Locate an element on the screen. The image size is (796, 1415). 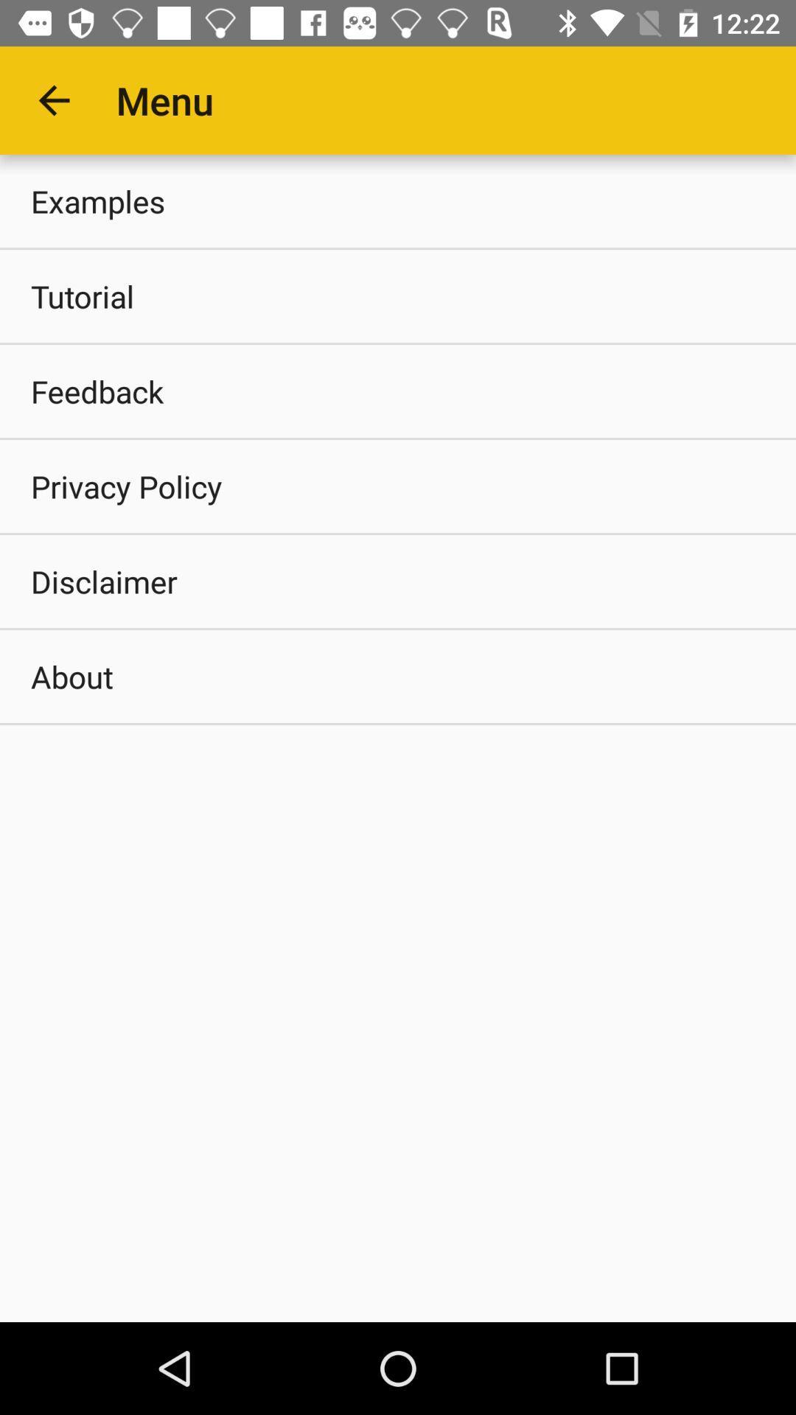
disclaimer item is located at coordinates (398, 580).